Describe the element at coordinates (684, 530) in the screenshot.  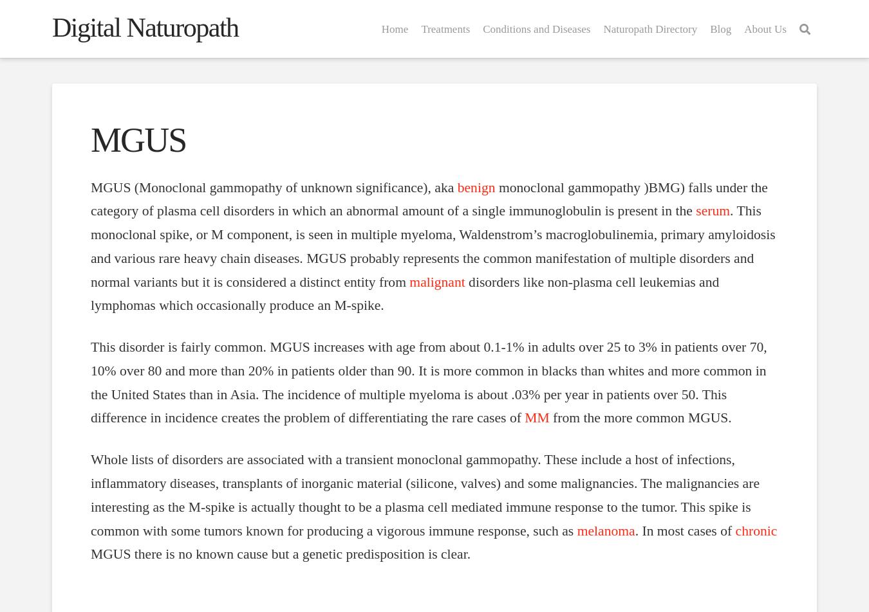
I see `'. In most cases of'` at that location.